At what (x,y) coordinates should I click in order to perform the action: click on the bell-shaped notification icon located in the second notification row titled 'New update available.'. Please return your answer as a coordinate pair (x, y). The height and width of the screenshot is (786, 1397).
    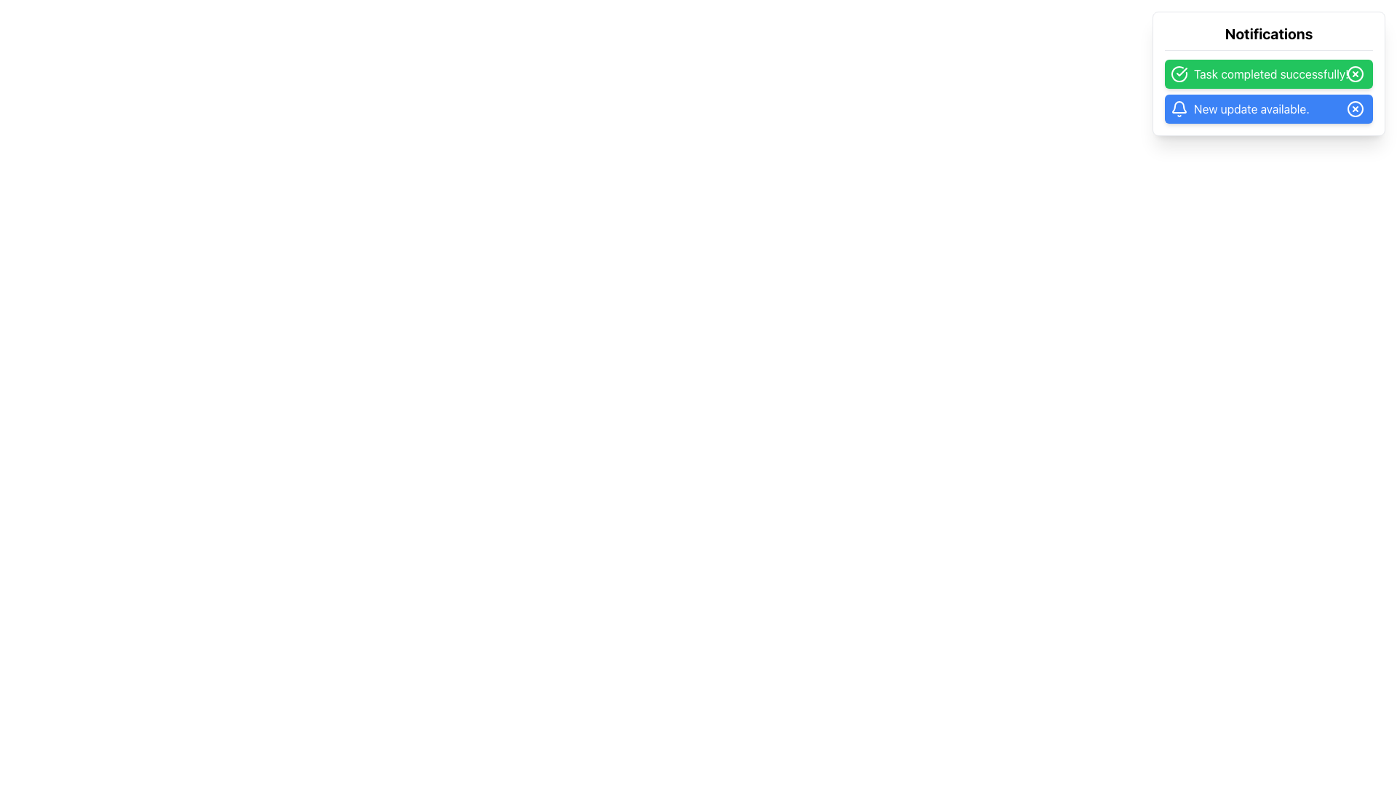
    Looking at the image, I should click on (1179, 106).